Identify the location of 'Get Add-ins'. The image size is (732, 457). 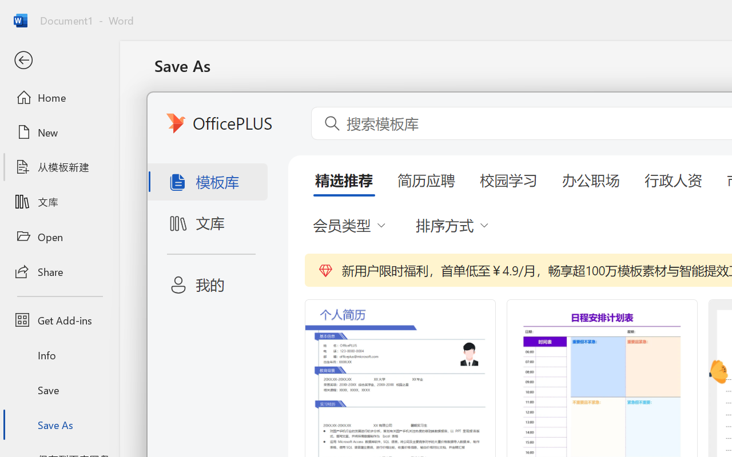
(59, 320).